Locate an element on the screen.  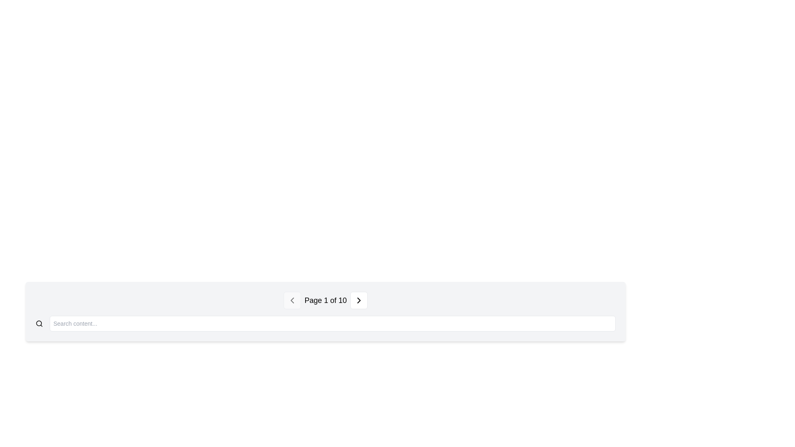
the chevron icon located on the right side of the navigation button at the bottom-center of the view is located at coordinates (359, 300).